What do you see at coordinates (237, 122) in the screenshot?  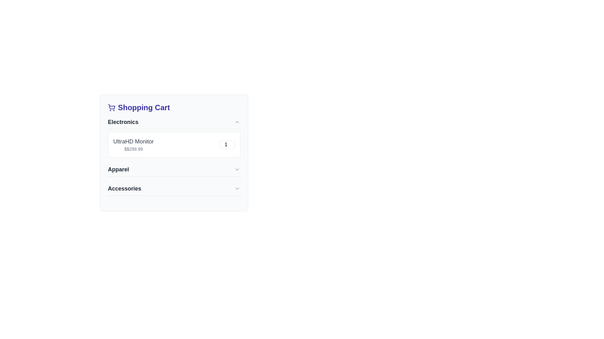 I see `the chevron icon located` at bounding box center [237, 122].